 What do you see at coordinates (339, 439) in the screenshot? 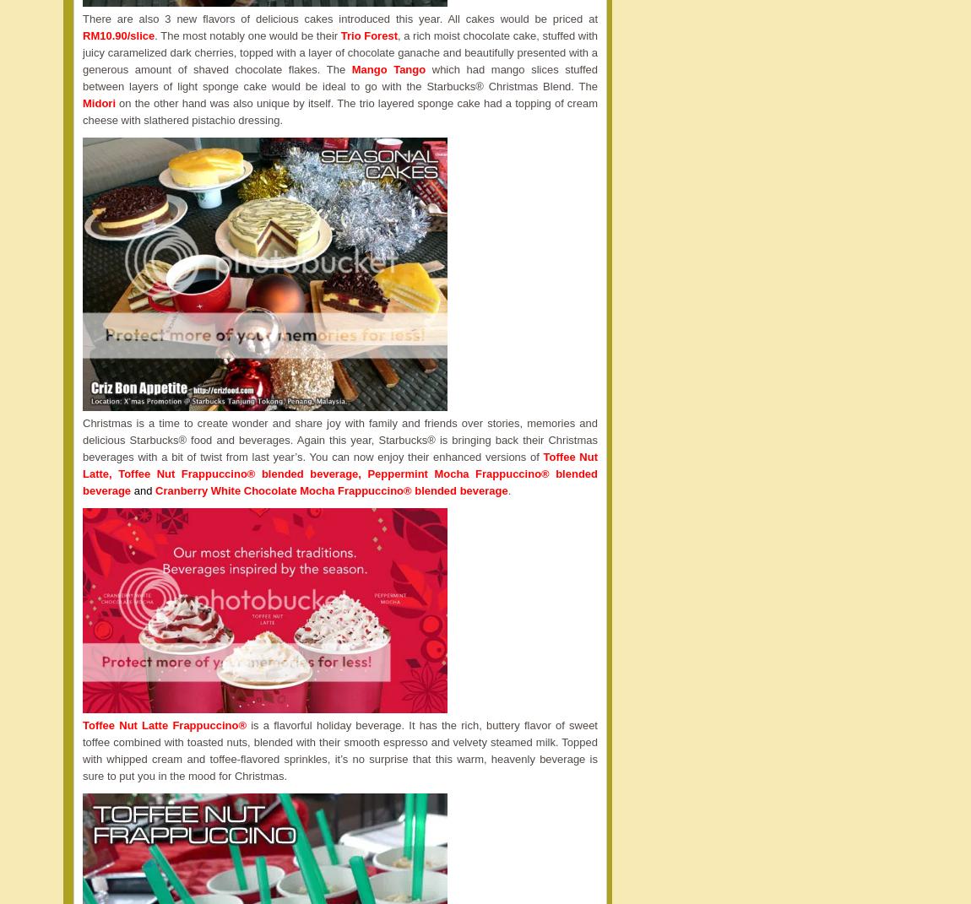
I see `'Christmas is a time to create wonder and share joy with family and friends over stories, memories and delicious Starbucks® food and beverages. Again this year, Starbucks® is bringing back their Christmas beverages with a bit of twist from last year’s. You can now enjoy their enhanced versions of'` at bounding box center [339, 439].